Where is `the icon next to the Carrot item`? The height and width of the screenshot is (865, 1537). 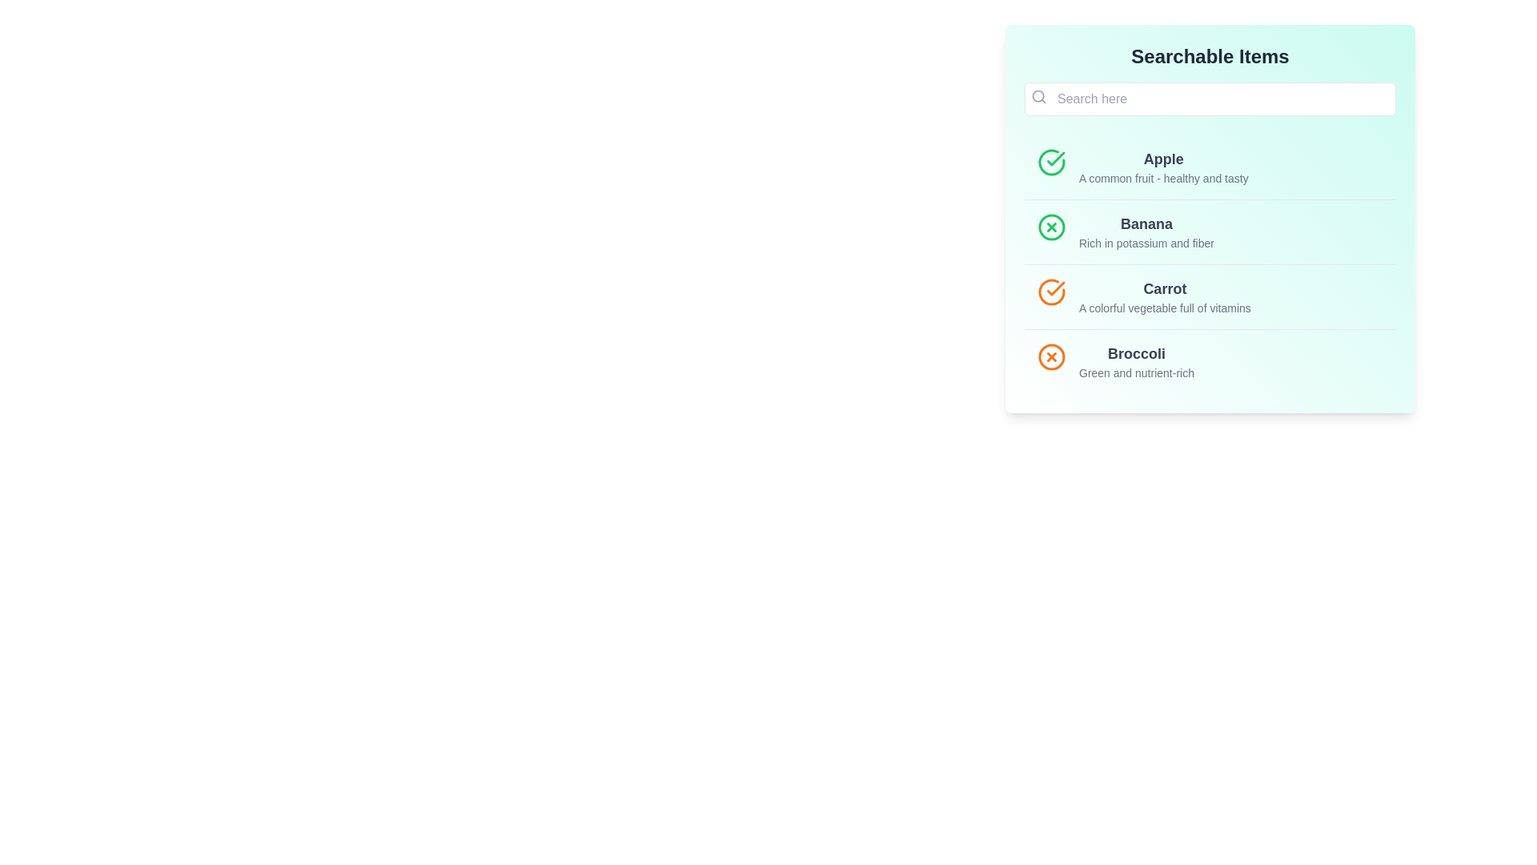
the icon next to the Carrot item is located at coordinates (1052, 292).